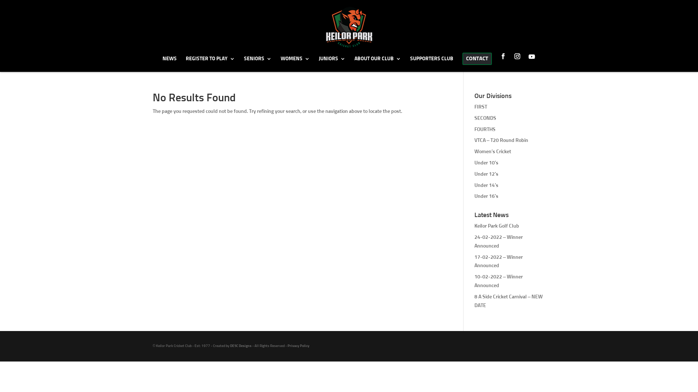 The image size is (698, 392). I want to click on 'Privacy Policy', so click(298, 345).